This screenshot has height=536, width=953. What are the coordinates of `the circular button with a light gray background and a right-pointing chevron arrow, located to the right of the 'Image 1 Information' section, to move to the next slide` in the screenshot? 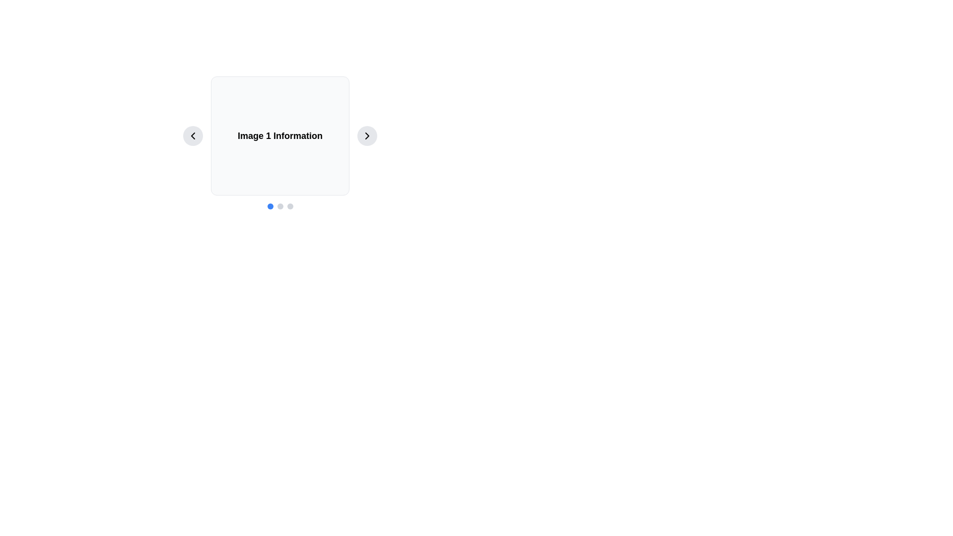 It's located at (366, 135).